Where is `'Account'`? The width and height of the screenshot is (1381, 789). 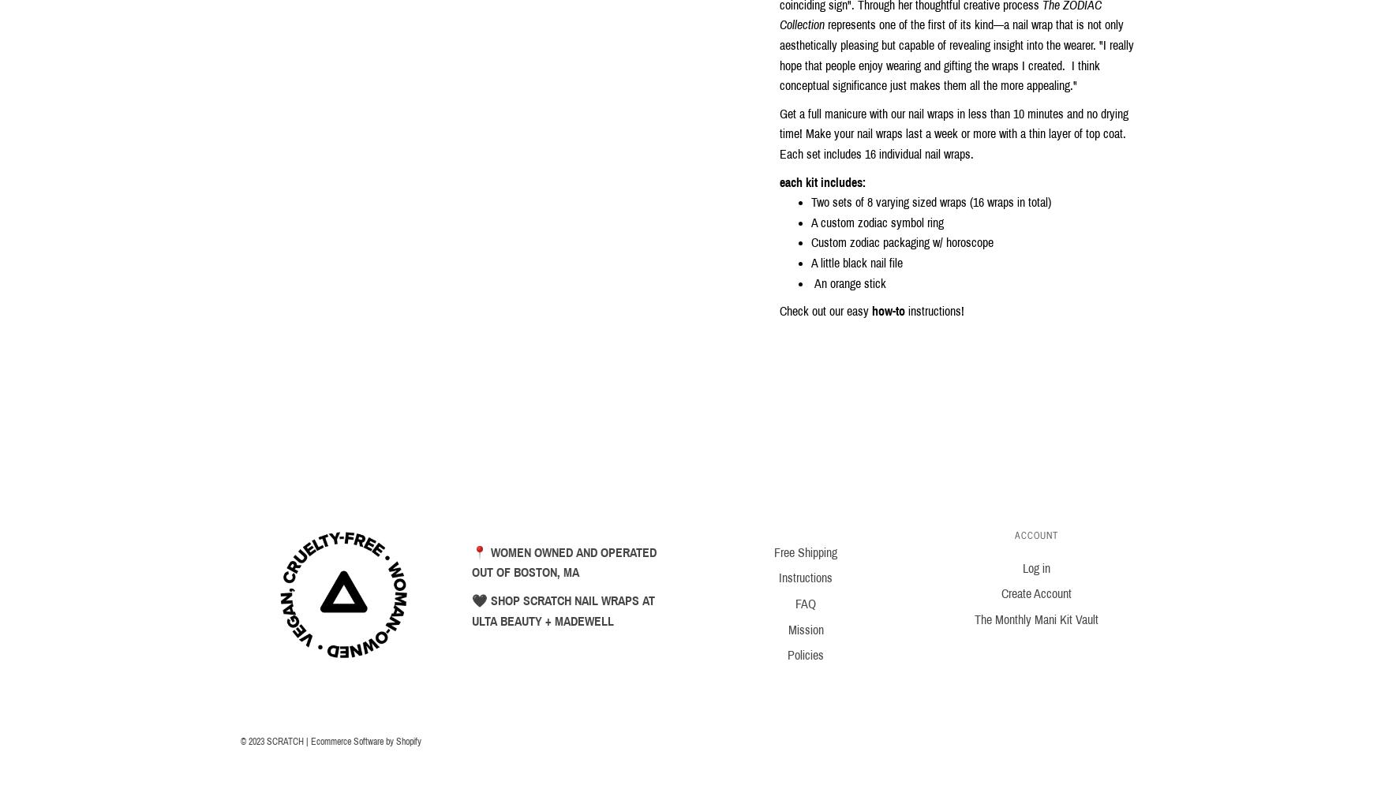
'Account' is located at coordinates (1035, 534).